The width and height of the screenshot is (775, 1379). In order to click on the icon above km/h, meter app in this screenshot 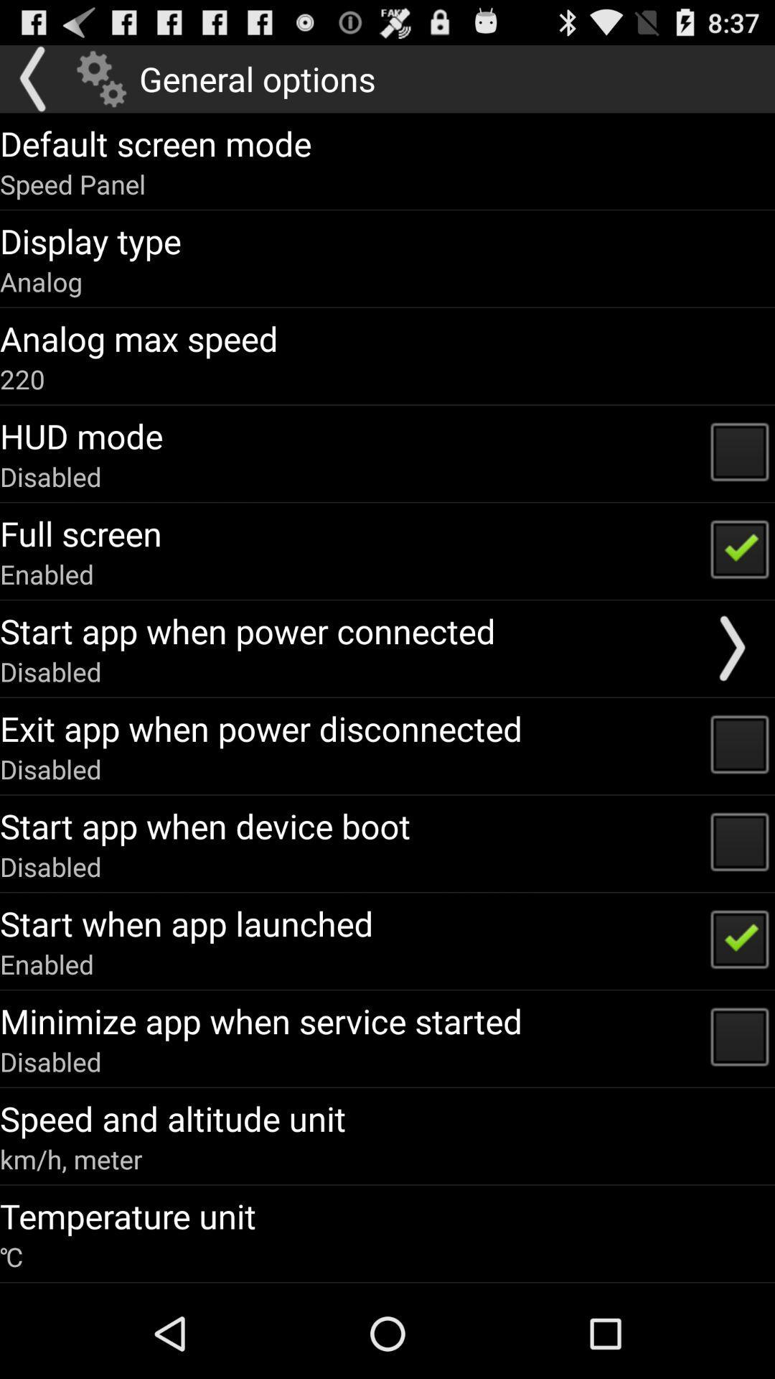, I will do `click(172, 1118)`.